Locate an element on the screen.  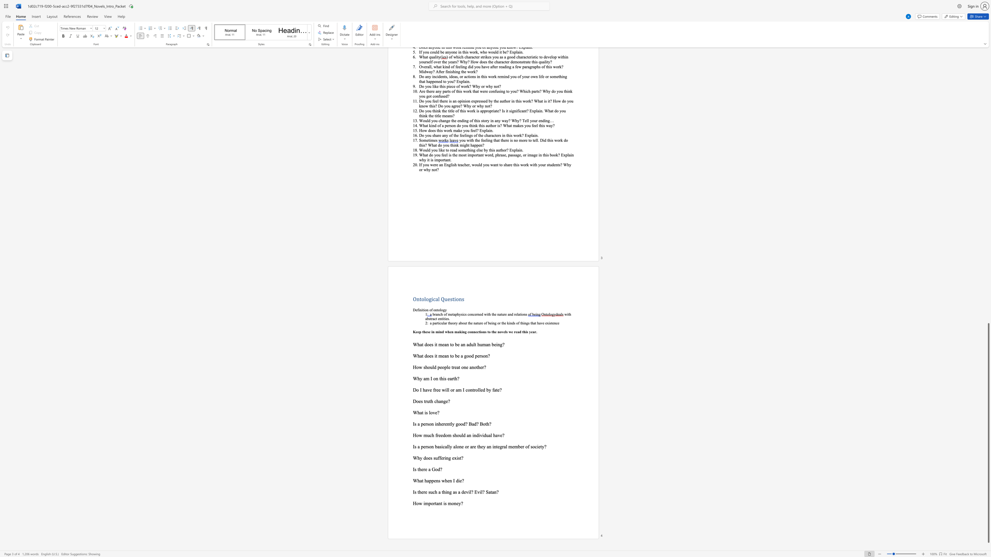
the 2th character "e" in the text is located at coordinates (446, 401).